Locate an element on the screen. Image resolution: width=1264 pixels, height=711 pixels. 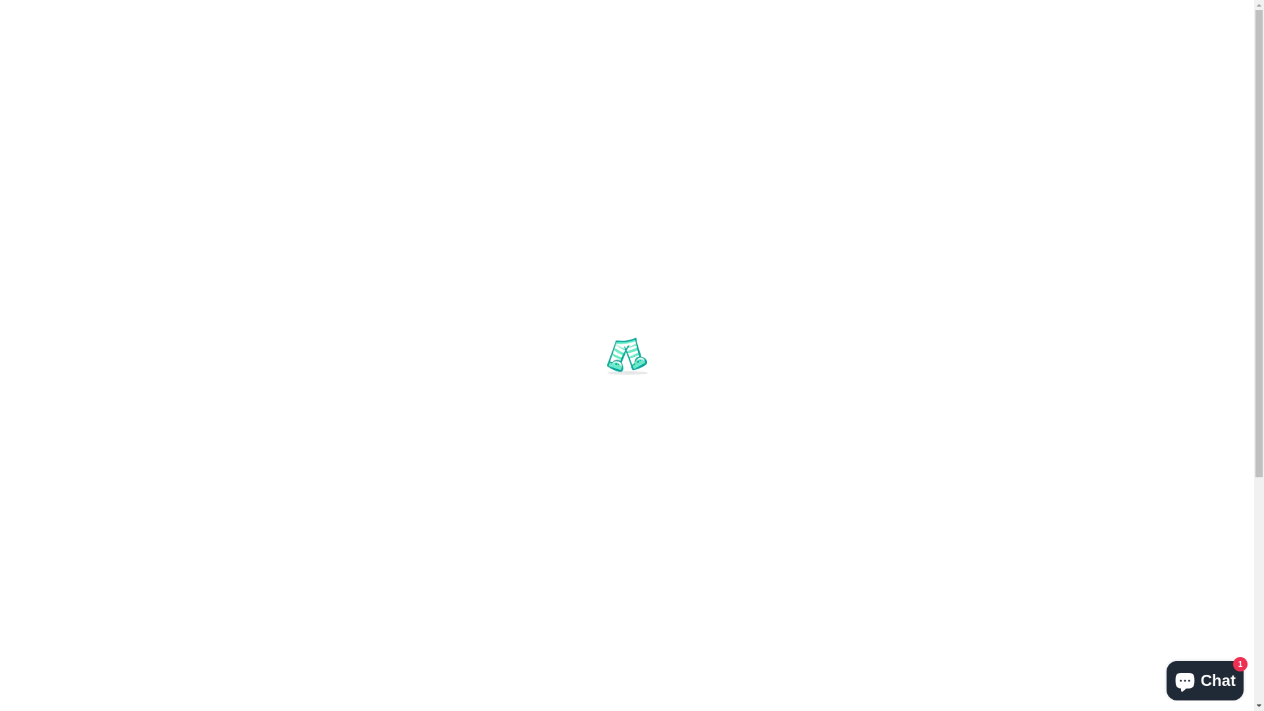
'Shopify online store chat' is located at coordinates (1205, 677).